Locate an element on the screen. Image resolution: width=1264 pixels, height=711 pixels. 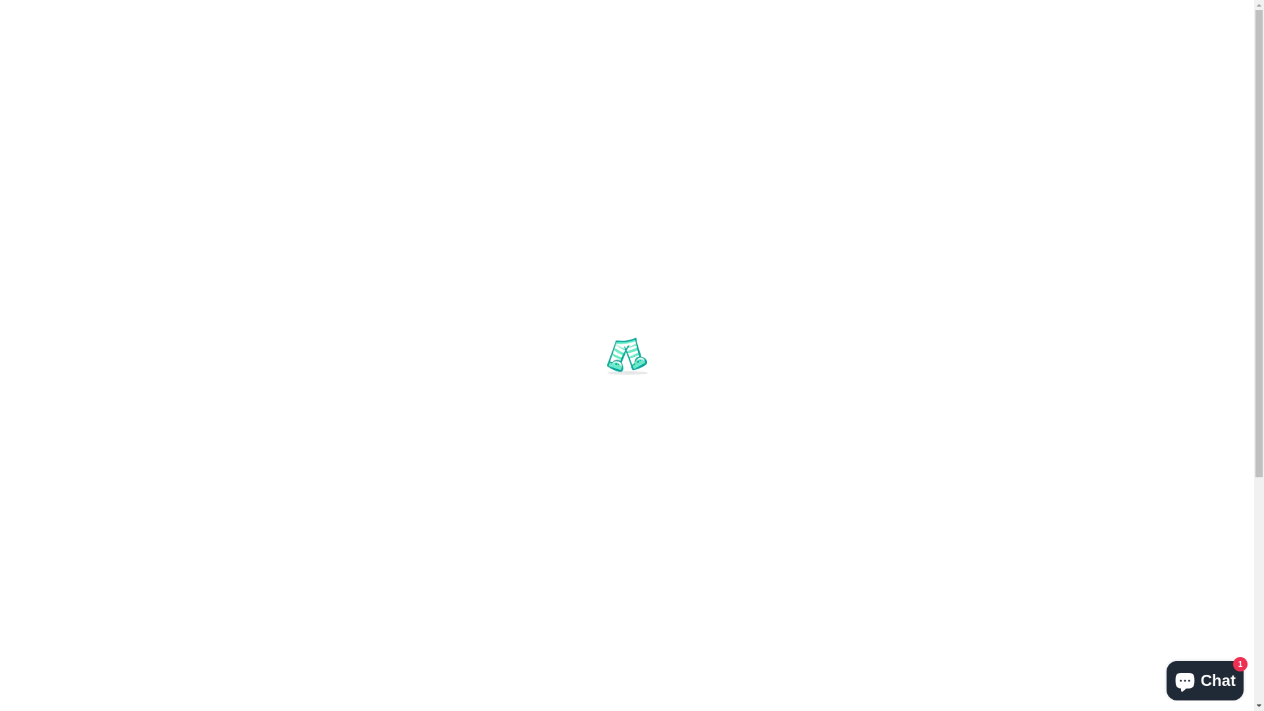
'Shopify online store chat' is located at coordinates (1205, 677).